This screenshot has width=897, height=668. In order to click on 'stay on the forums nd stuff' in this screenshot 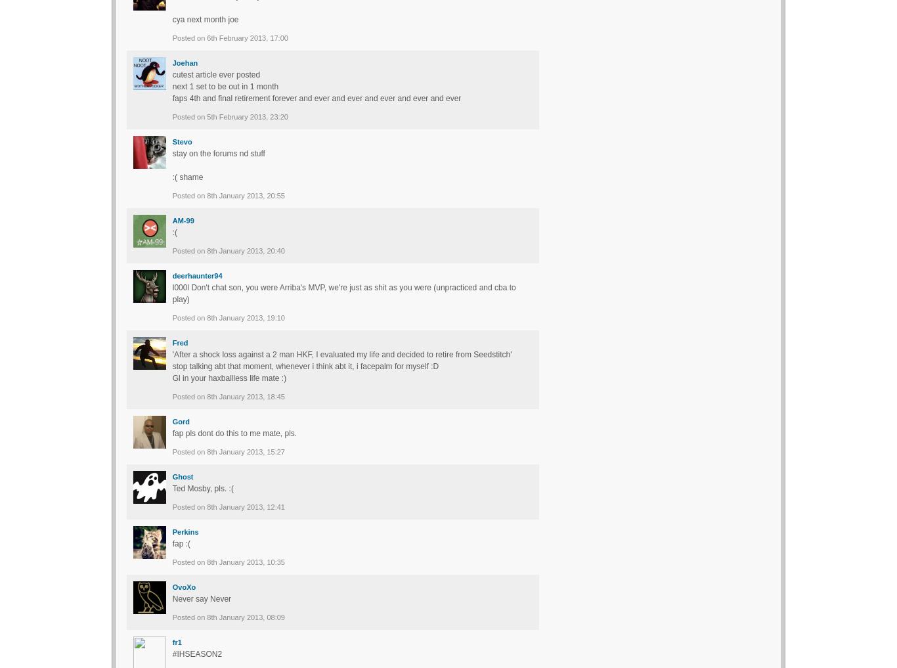, I will do `click(218, 153)`.